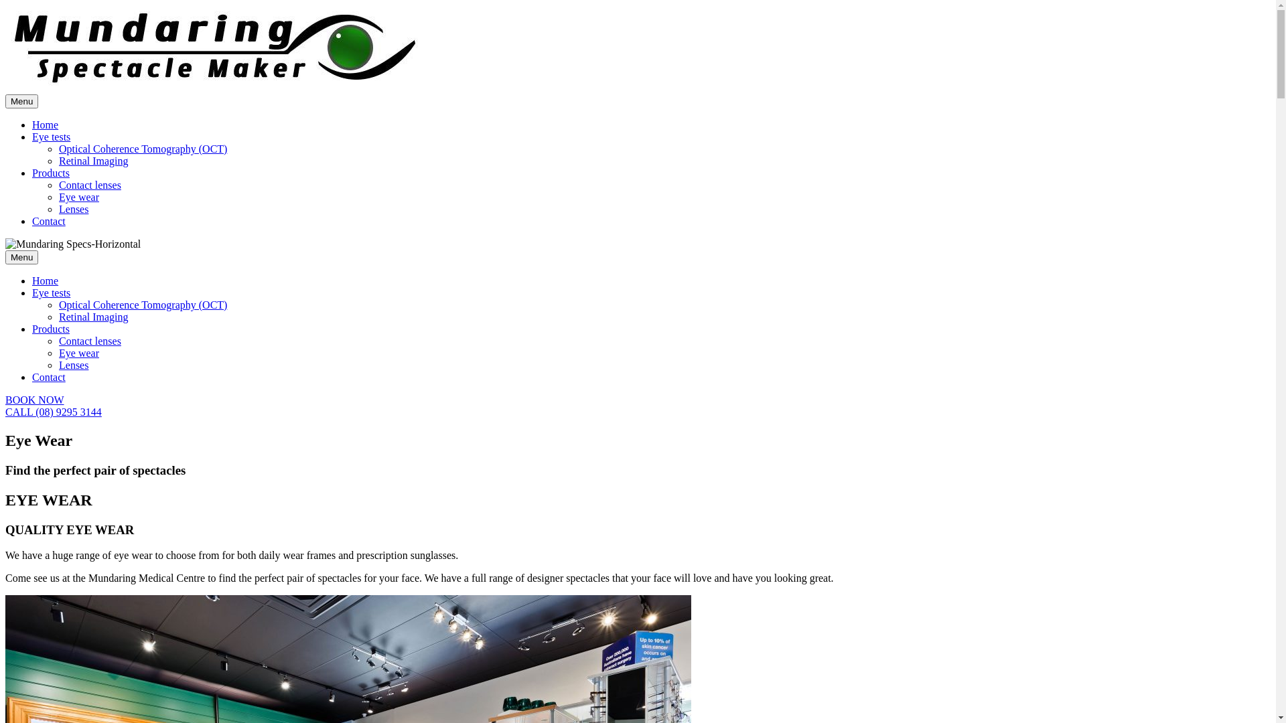 The height and width of the screenshot is (723, 1286). What do you see at coordinates (45, 125) in the screenshot?
I see `'Home'` at bounding box center [45, 125].